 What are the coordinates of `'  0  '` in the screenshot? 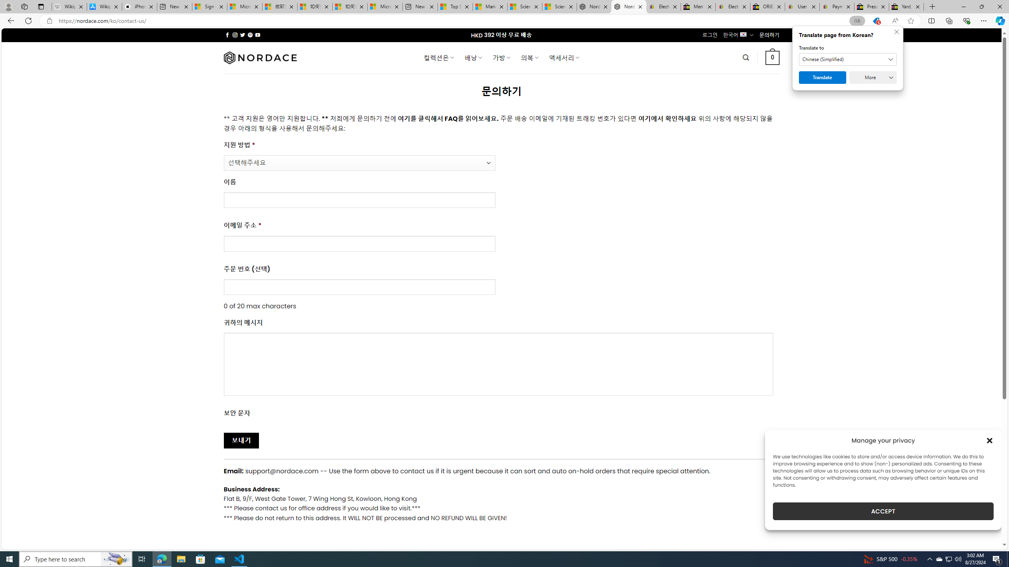 It's located at (773, 57).